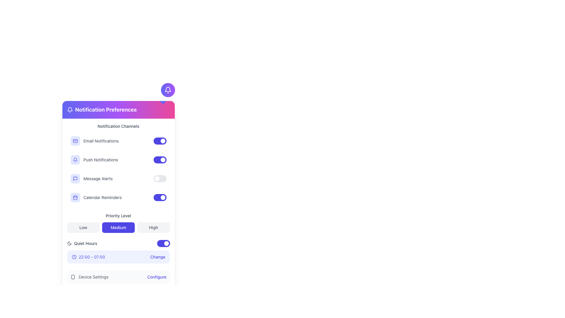 The width and height of the screenshot is (565, 318). Describe the element at coordinates (163, 198) in the screenshot. I see `the toggle indicator that visually indicates the state of the toggle switch for 'Push Notifications' in the 'Notification Preferences' section` at that location.